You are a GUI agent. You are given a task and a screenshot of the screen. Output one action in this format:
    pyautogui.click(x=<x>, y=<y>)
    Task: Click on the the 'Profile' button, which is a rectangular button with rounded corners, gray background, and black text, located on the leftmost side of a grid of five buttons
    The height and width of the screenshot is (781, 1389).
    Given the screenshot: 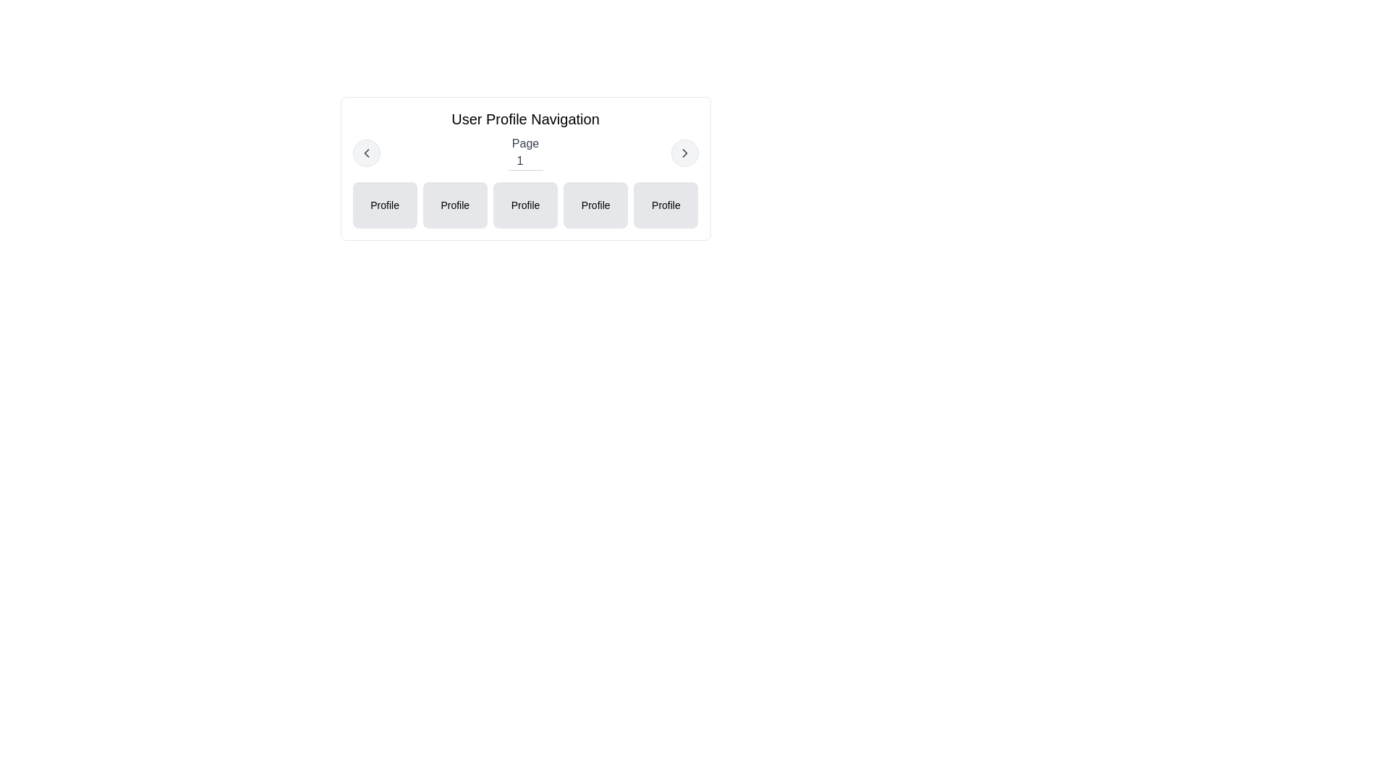 What is the action you would take?
    pyautogui.click(x=385, y=205)
    